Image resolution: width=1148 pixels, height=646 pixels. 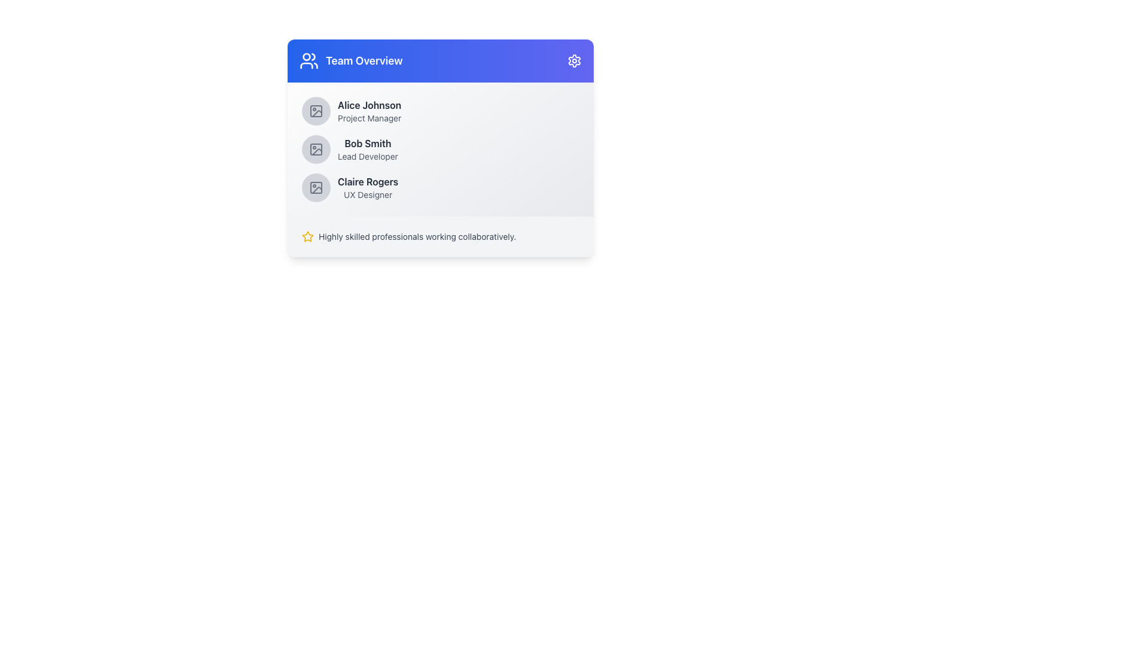 I want to click on the circular image icon with a light gray background representing an image, located under the 'Team Overview' section next to 'Bob Smith, Lead Developer', so click(x=316, y=149).